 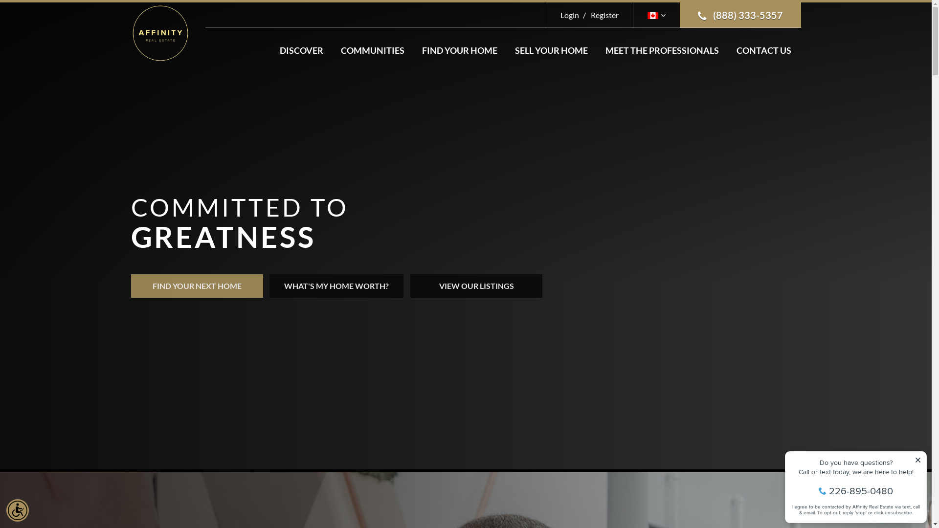 What do you see at coordinates (476, 286) in the screenshot?
I see `'VIEW OUR LISTINGS'` at bounding box center [476, 286].